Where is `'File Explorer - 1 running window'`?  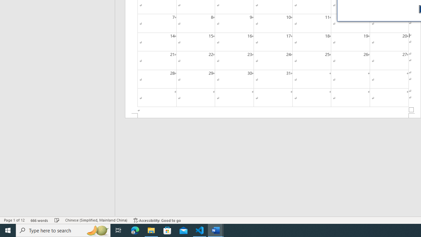 'File Explorer - 1 running window' is located at coordinates (151, 230).